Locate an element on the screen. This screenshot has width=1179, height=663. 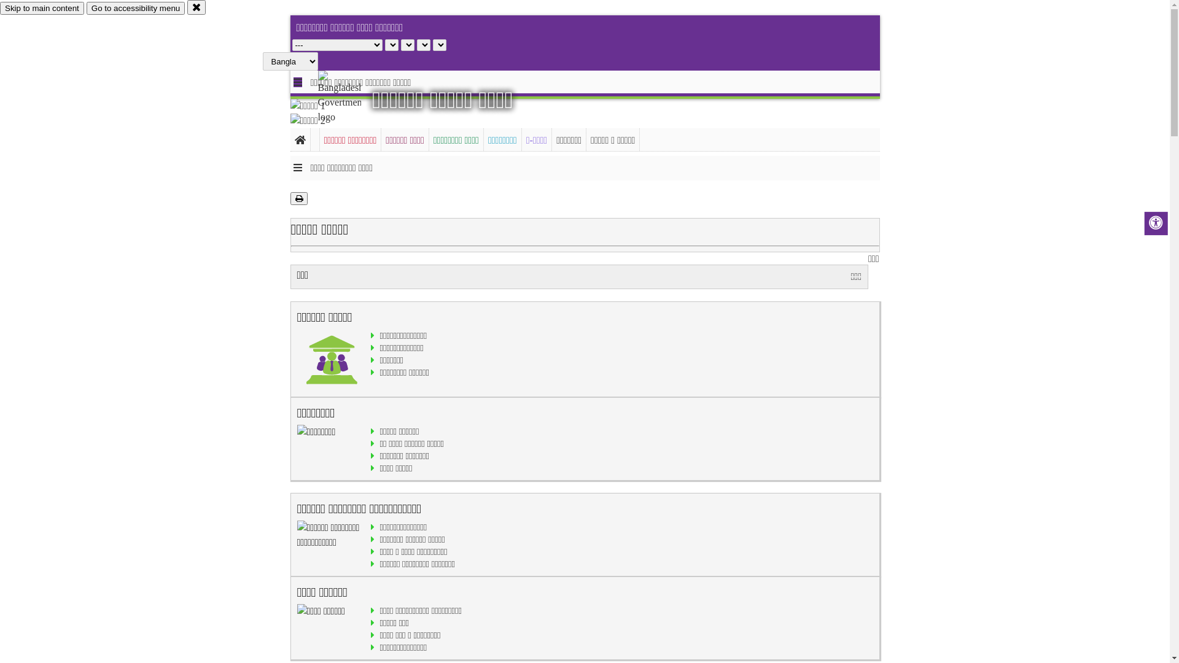
'close' is located at coordinates (196, 7).